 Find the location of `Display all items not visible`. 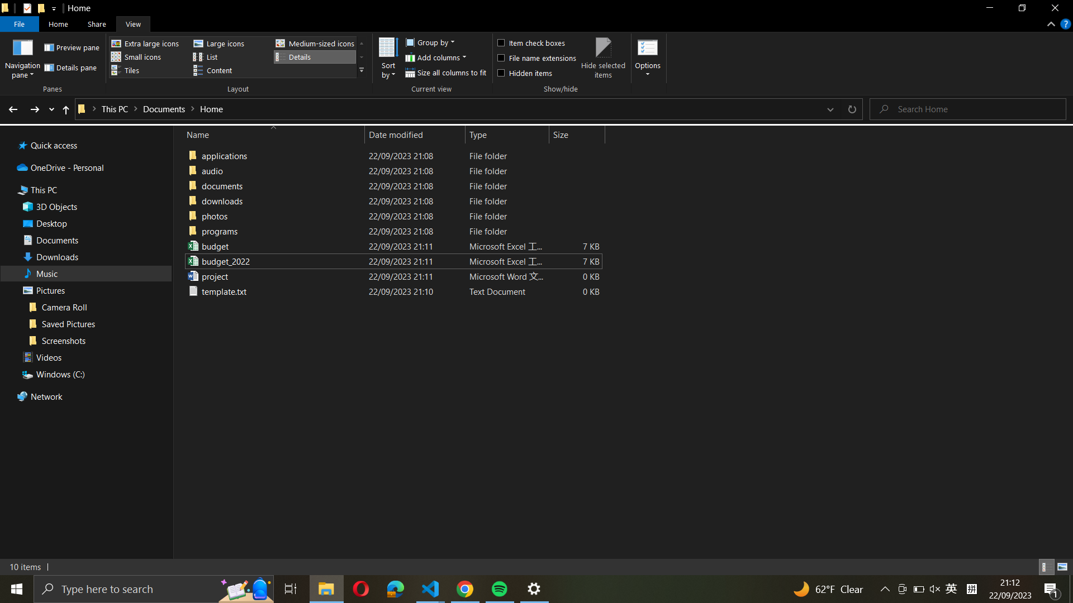

Display all items not visible is located at coordinates (535, 71).